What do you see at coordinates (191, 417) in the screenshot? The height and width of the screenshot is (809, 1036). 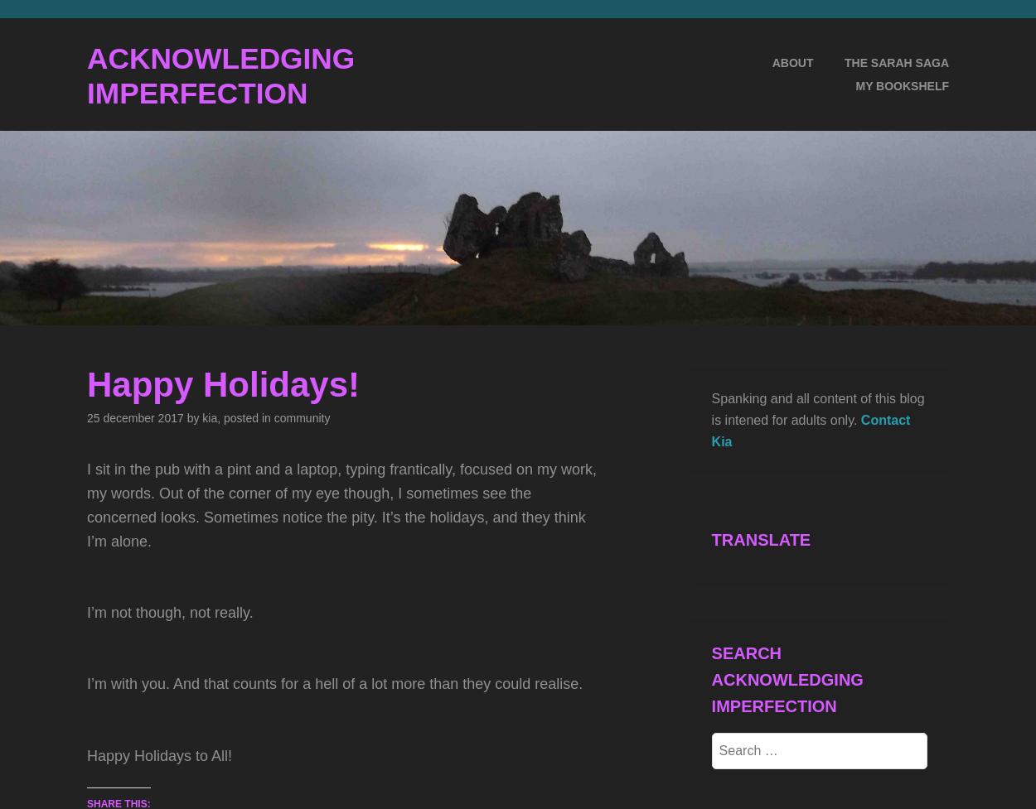 I see `'by'` at bounding box center [191, 417].